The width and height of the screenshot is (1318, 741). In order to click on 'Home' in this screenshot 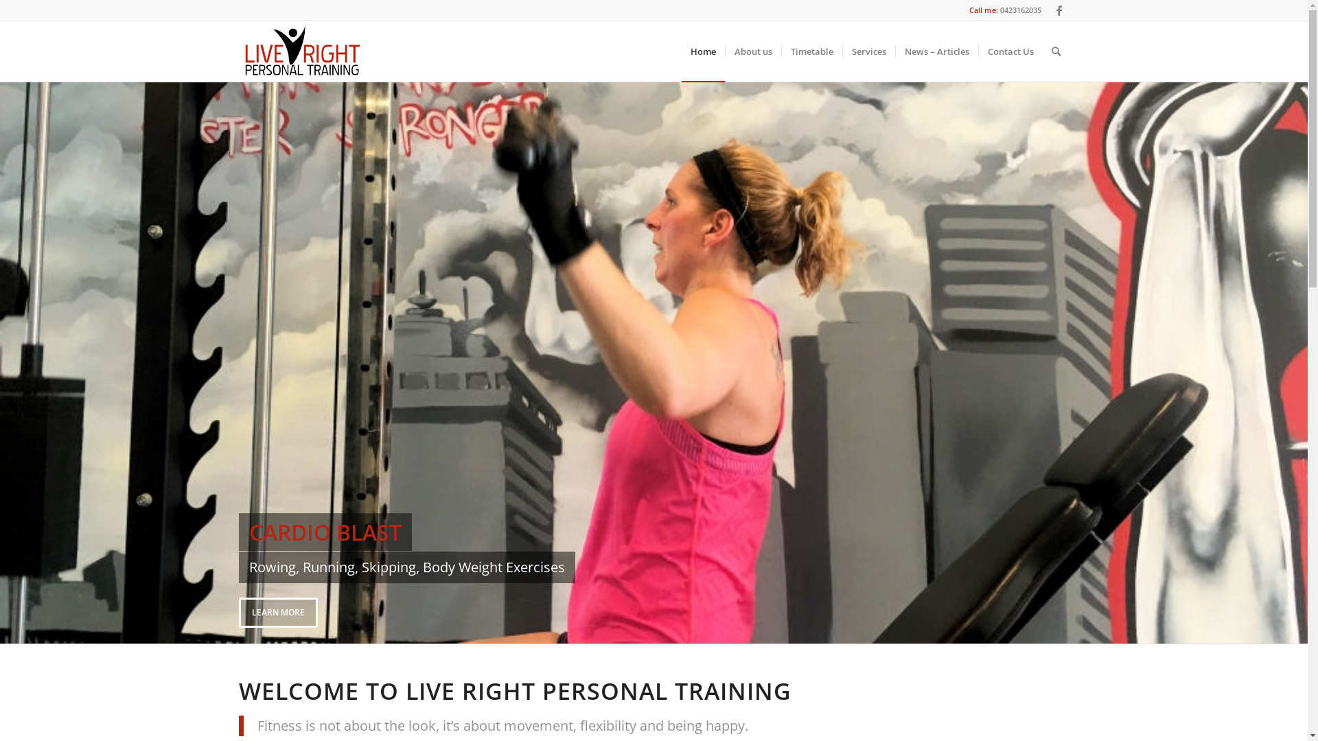, I will do `click(702, 50)`.